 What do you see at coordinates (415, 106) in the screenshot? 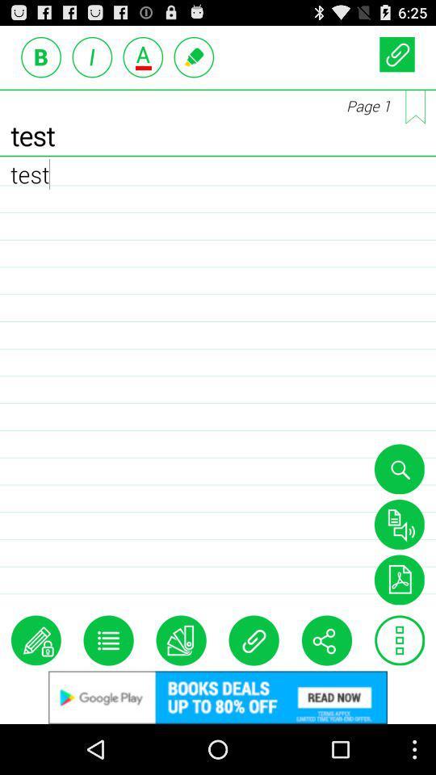
I see `page change option` at bounding box center [415, 106].